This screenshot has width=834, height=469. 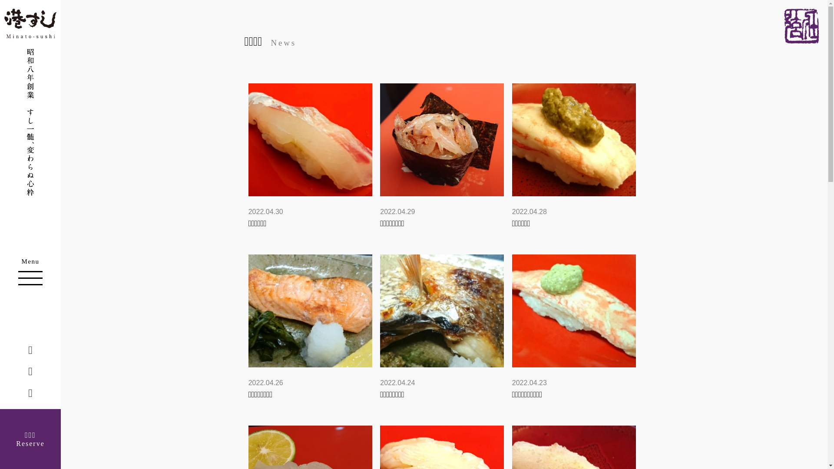 I want to click on 'Menu', so click(x=30, y=271).